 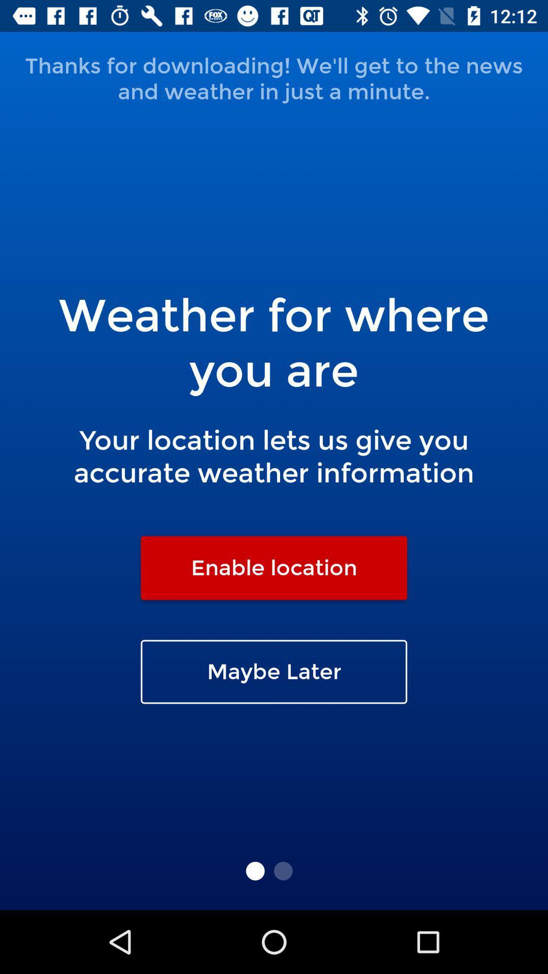 What do you see at coordinates (274, 672) in the screenshot?
I see `the item below the enable location icon` at bounding box center [274, 672].